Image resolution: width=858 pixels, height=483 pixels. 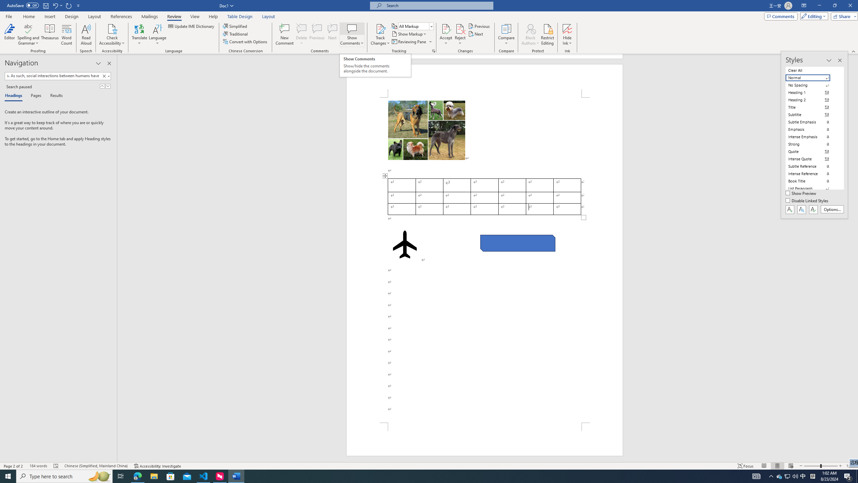 What do you see at coordinates (246, 41) in the screenshot?
I see `'Convert with Options...'` at bounding box center [246, 41].